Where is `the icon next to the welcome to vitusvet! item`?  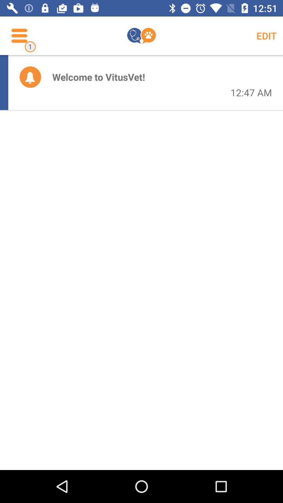 the icon next to the welcome to vitusvet! item is located at coordinates (251, 92).